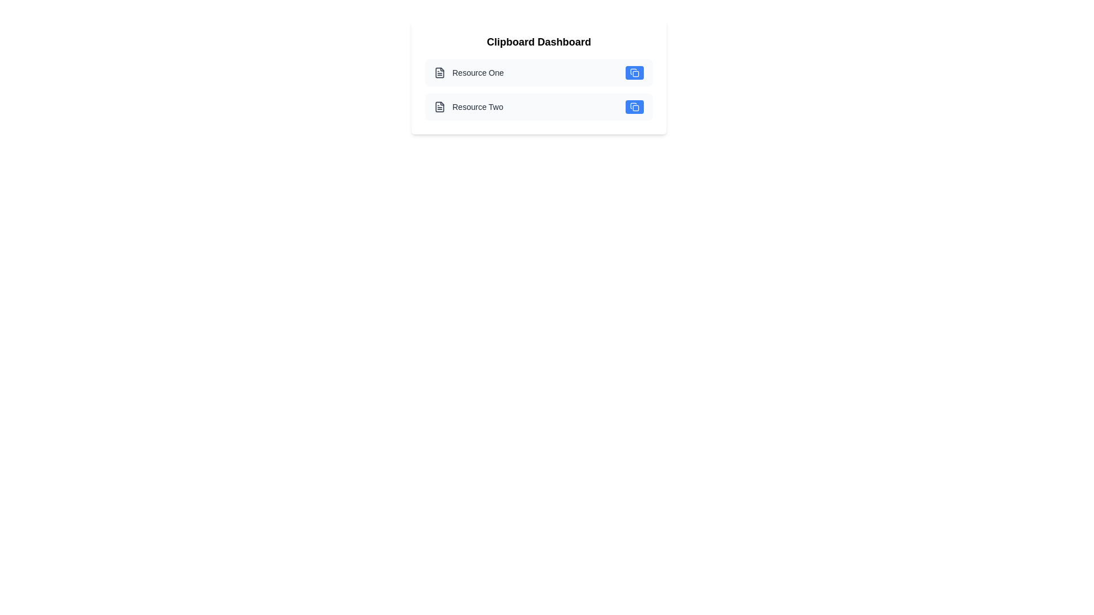 The width and height of the screenshot is (1094, 615). What do you see at coordinates (634, 107) in the screenshot?
I see `the button located on the far right of the row labeled 'Resource Two'` at bounding box center [634, 107].